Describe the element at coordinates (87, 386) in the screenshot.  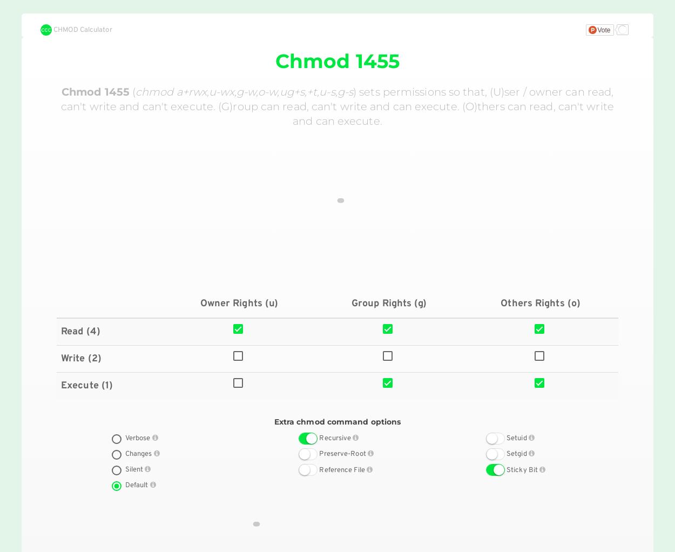
I see `'Execute (1)'` at that location.